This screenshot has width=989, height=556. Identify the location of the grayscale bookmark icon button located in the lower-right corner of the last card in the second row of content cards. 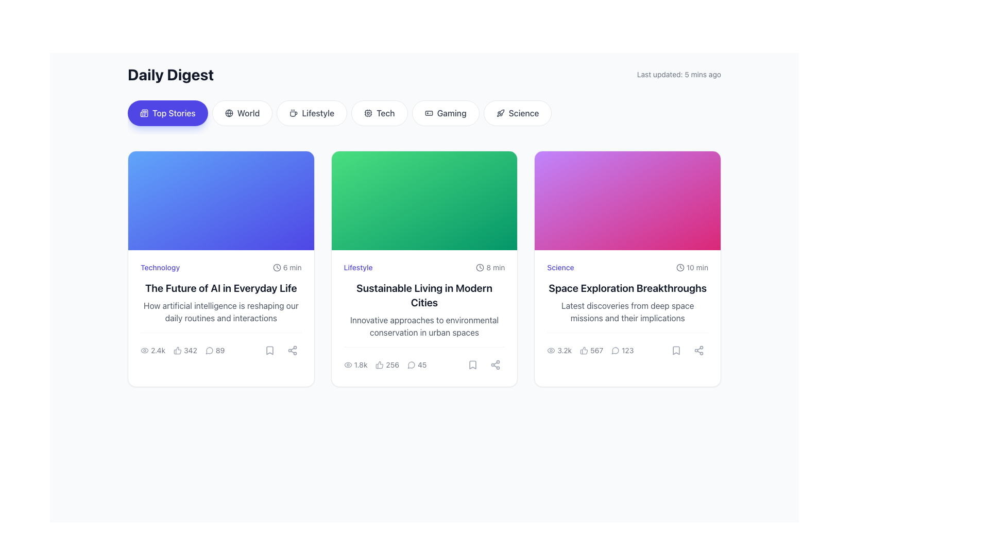
(676, 350).